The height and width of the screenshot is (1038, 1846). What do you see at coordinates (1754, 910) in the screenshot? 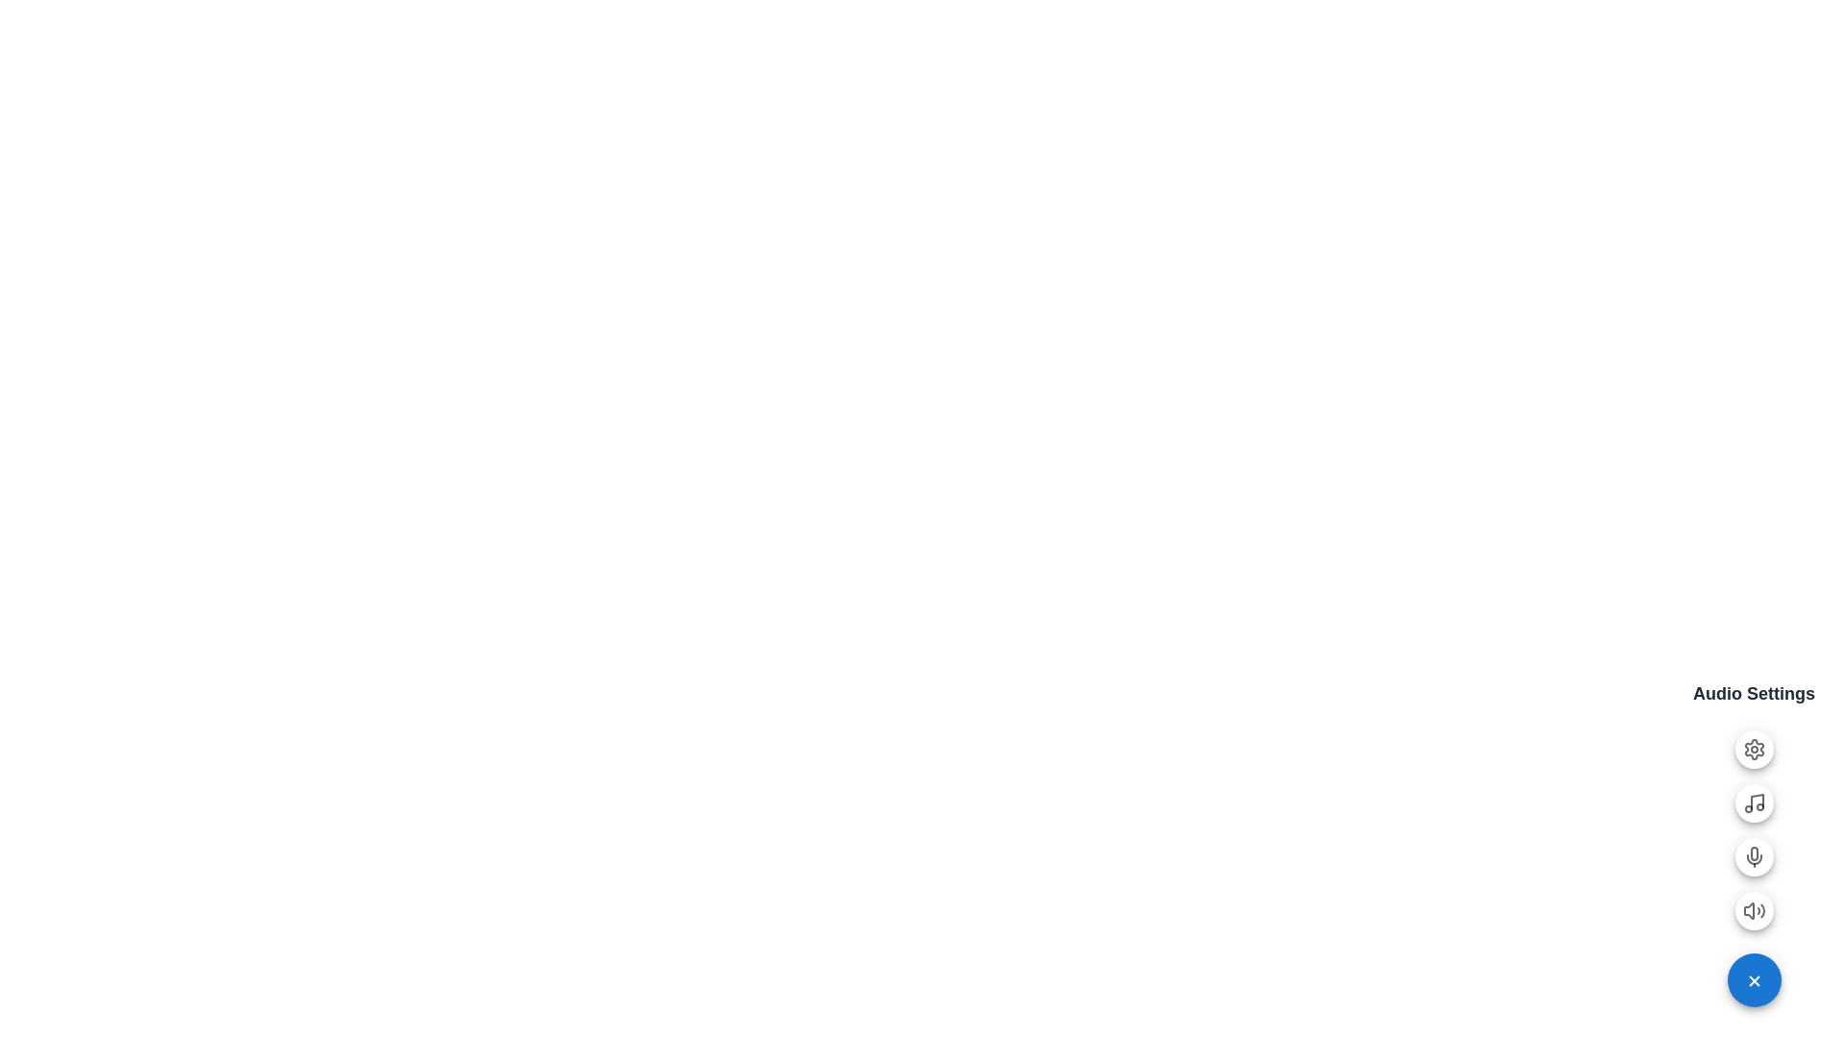
I see `the Floating Action Button (FAB) with a speaker icon` at bounding box center [1754, 910].